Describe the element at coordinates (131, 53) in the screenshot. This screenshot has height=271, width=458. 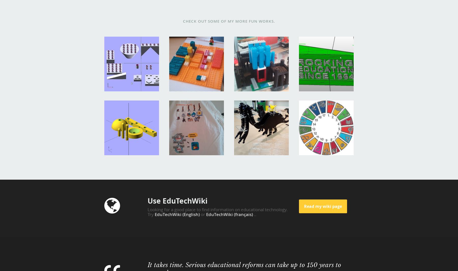
I see `'An openscad library for creating LEGO and DUPLO compatible blocks'` at that location.